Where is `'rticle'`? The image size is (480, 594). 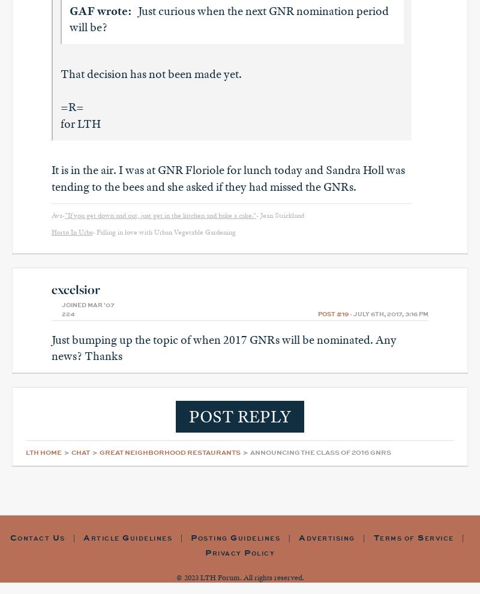 'rticle' is located at coordinates (104, 538).